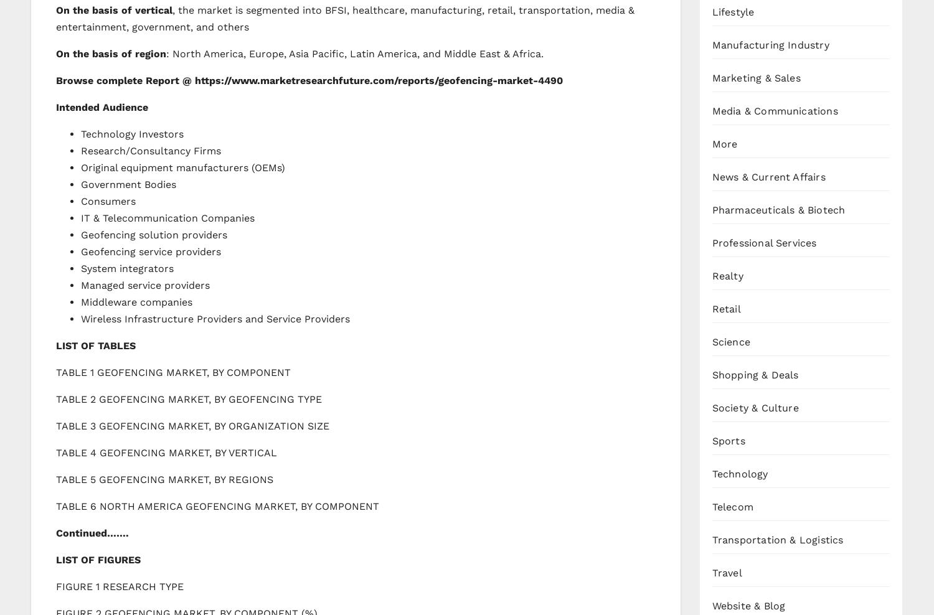  I want to click on 'Lifestyle', so click(712, 11).